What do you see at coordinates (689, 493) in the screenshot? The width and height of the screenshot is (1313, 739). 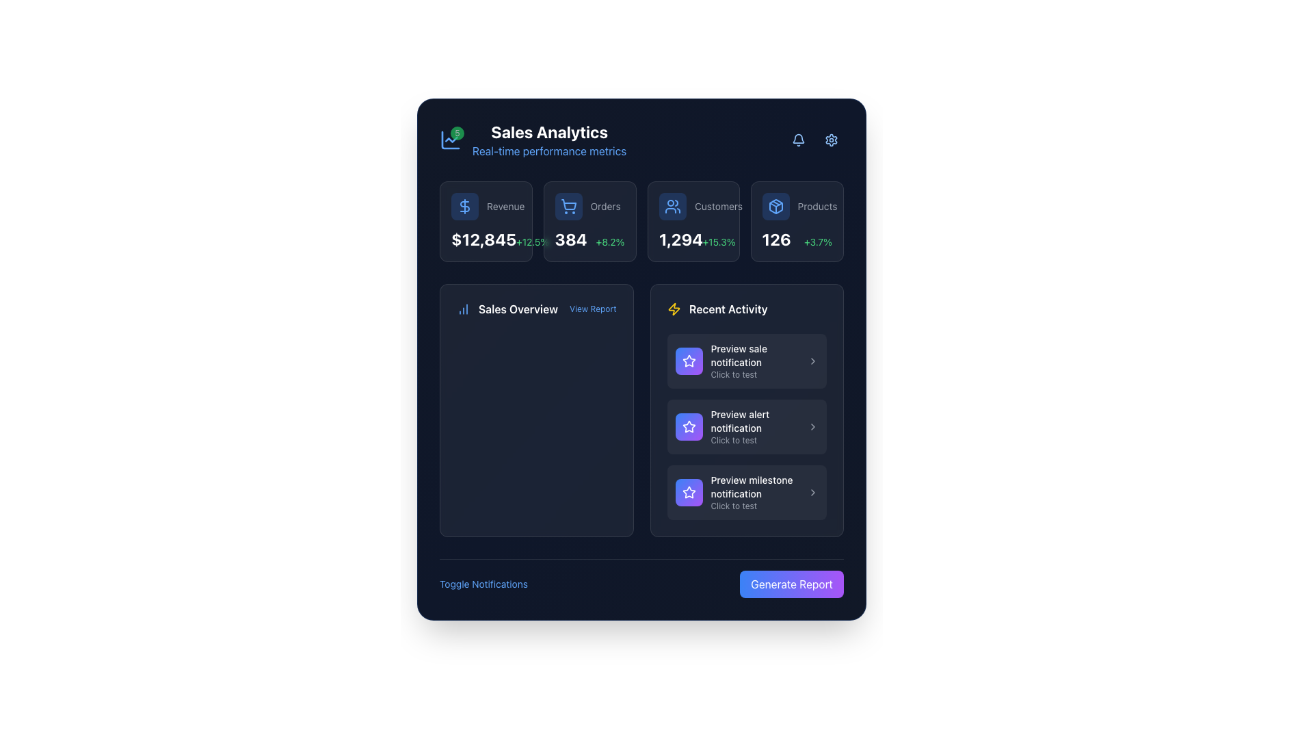 I see `the centered star icon inside the circular button located in the third item of the 'Recent Activity' section on the analytics dashboard, adjacent to the label 'Preview milestone notification'` at bounding box center [689, 493].